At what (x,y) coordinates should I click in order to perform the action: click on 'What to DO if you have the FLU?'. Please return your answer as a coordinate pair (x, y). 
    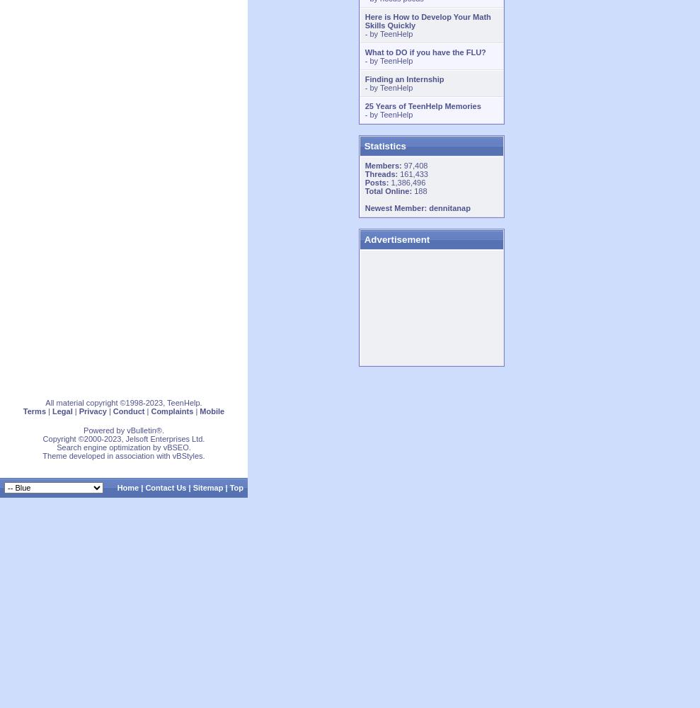
    Looking at the image, I should click on (424, 52).